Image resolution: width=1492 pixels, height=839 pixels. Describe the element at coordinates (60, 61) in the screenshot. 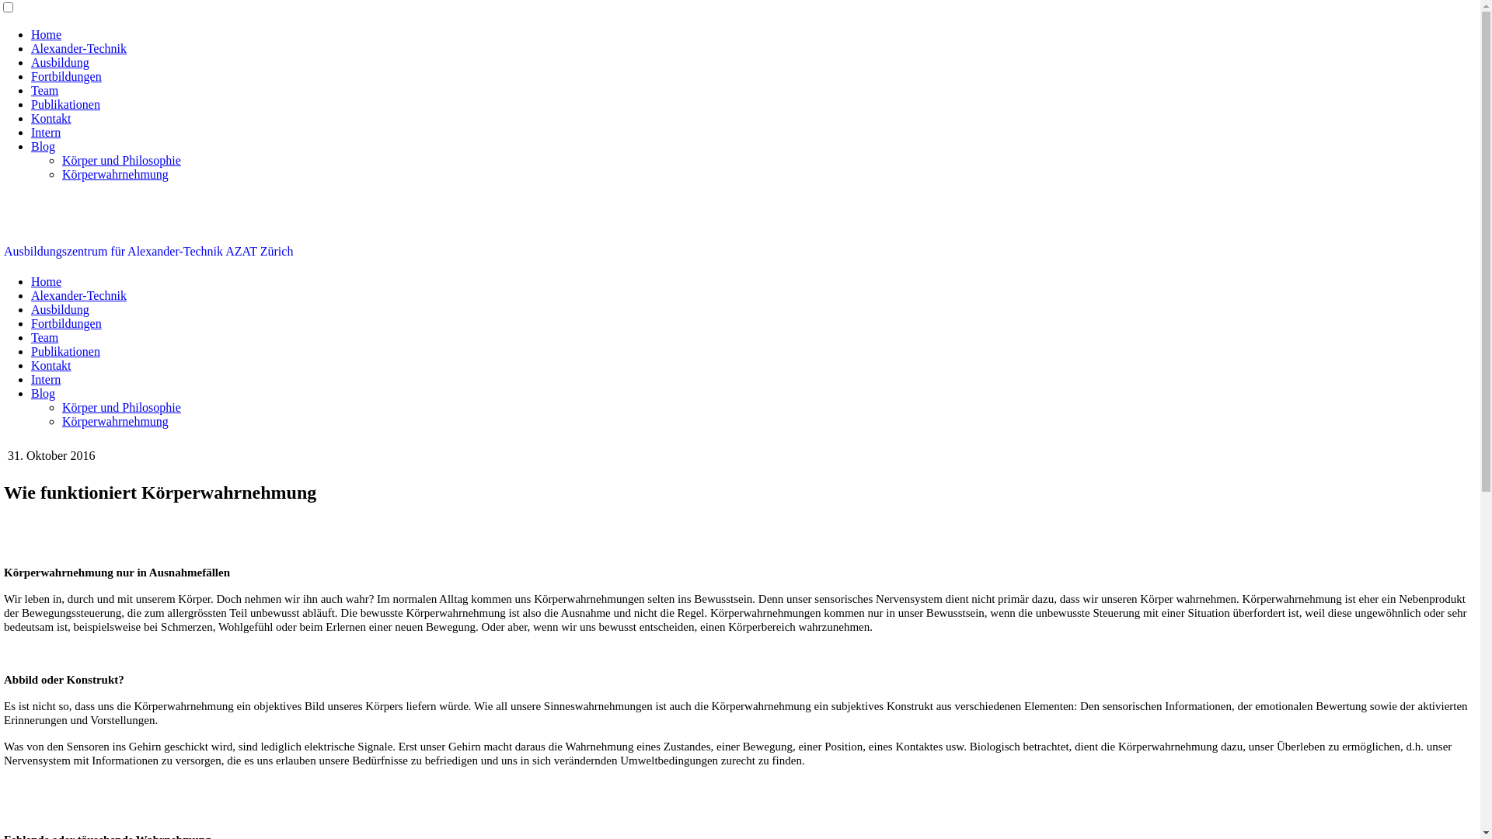

I see `'Ausbildung'` at that location.